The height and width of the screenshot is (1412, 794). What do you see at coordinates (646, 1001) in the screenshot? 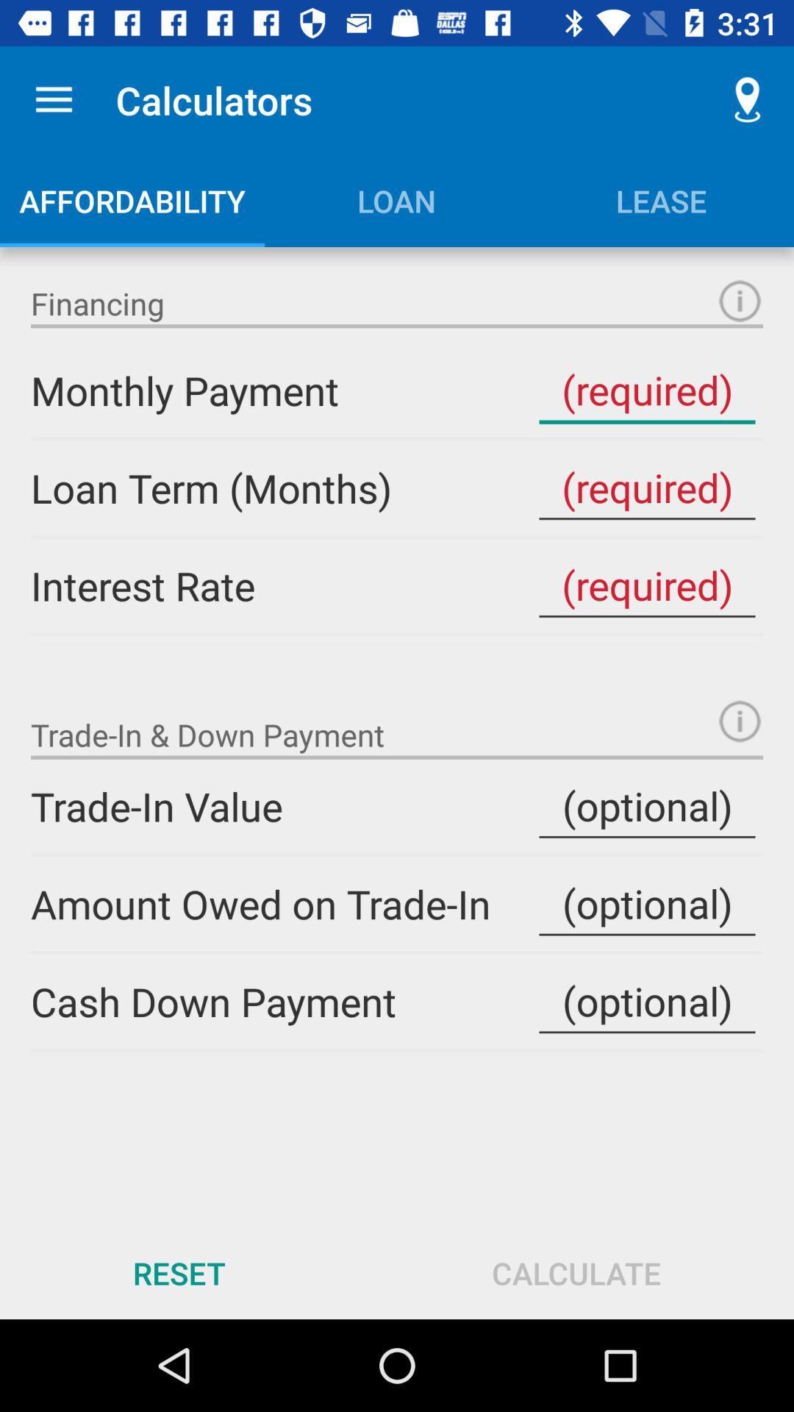
I see `cash down payment` at bounding box center [646, 1001].